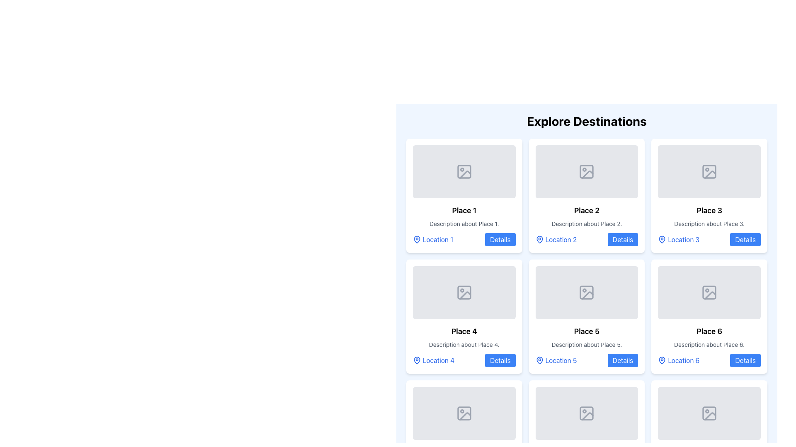 This screenshot has width=796, height=447. What do you see at coordinates (745, 239) in the screenshot?
I see `the interactive button located in the bottom-right corner of the card labeled 'Place 3'` at bounding box center [745, 239].